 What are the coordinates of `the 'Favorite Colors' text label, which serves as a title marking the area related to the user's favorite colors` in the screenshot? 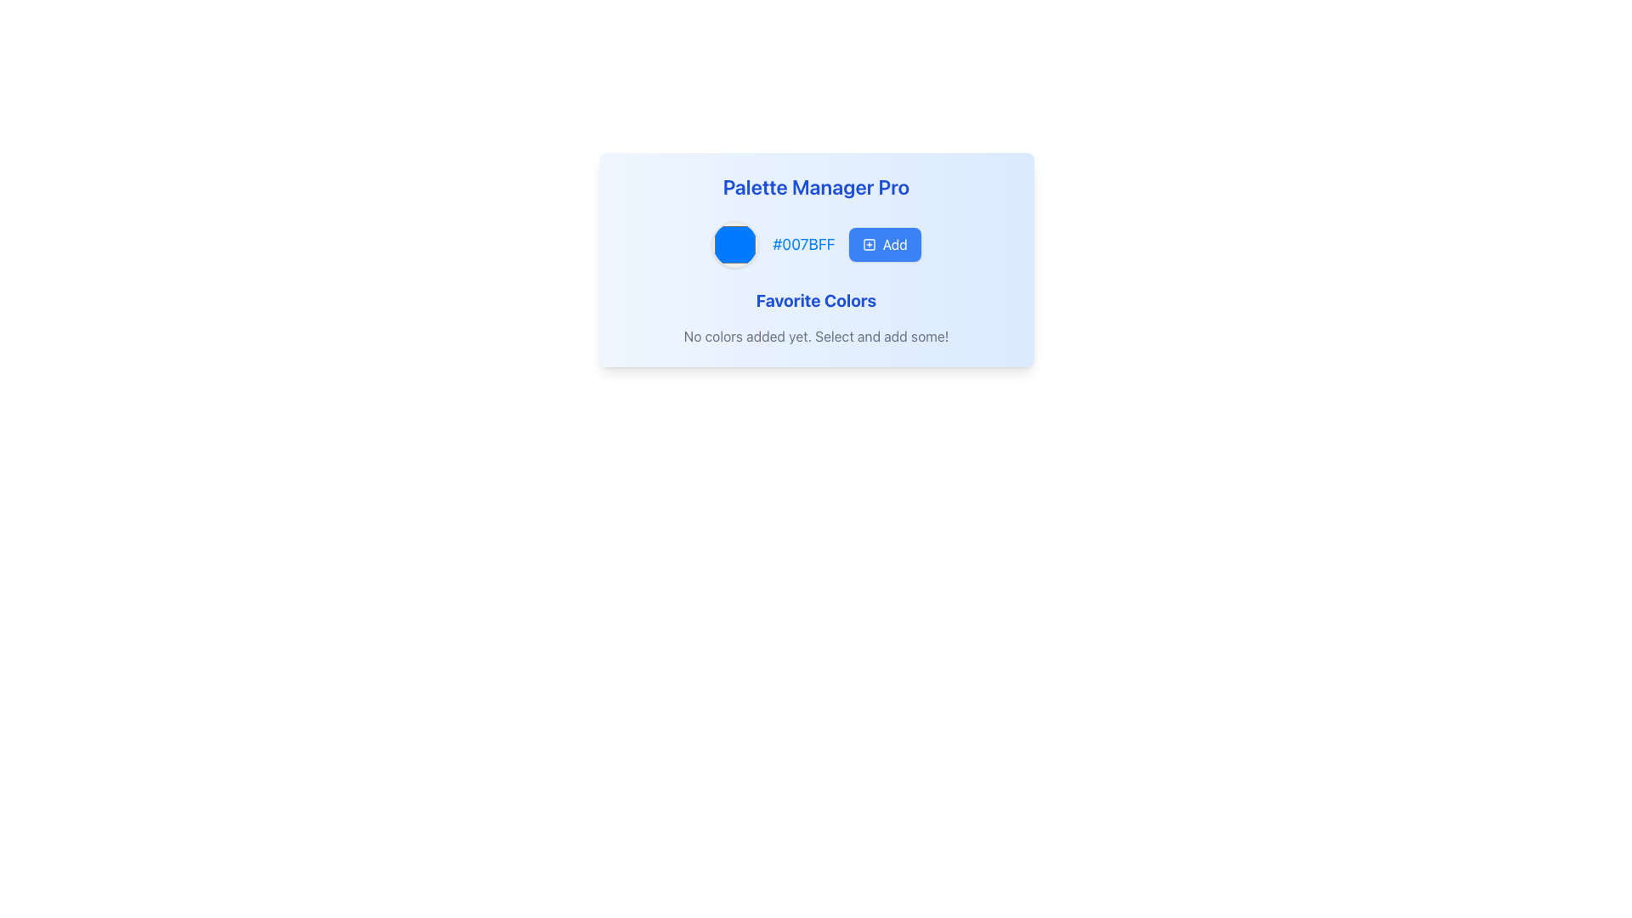 It's located at (816, 300).